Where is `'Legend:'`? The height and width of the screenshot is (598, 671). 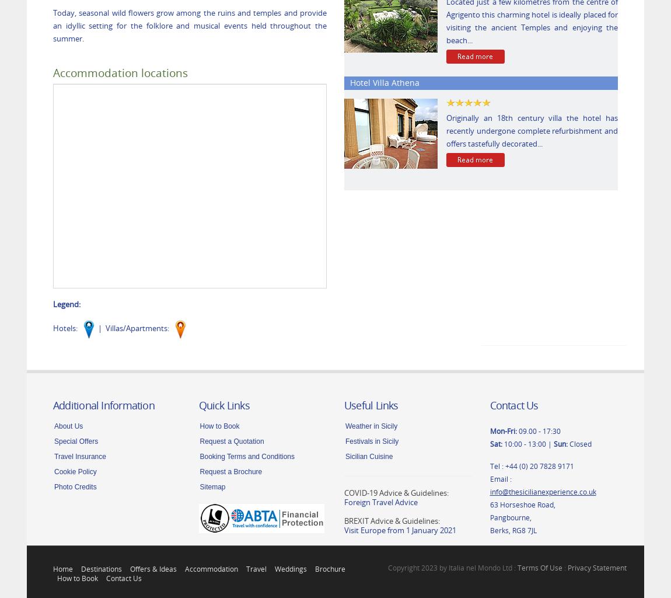 'Legend:' is located at coordinates (52, 303).